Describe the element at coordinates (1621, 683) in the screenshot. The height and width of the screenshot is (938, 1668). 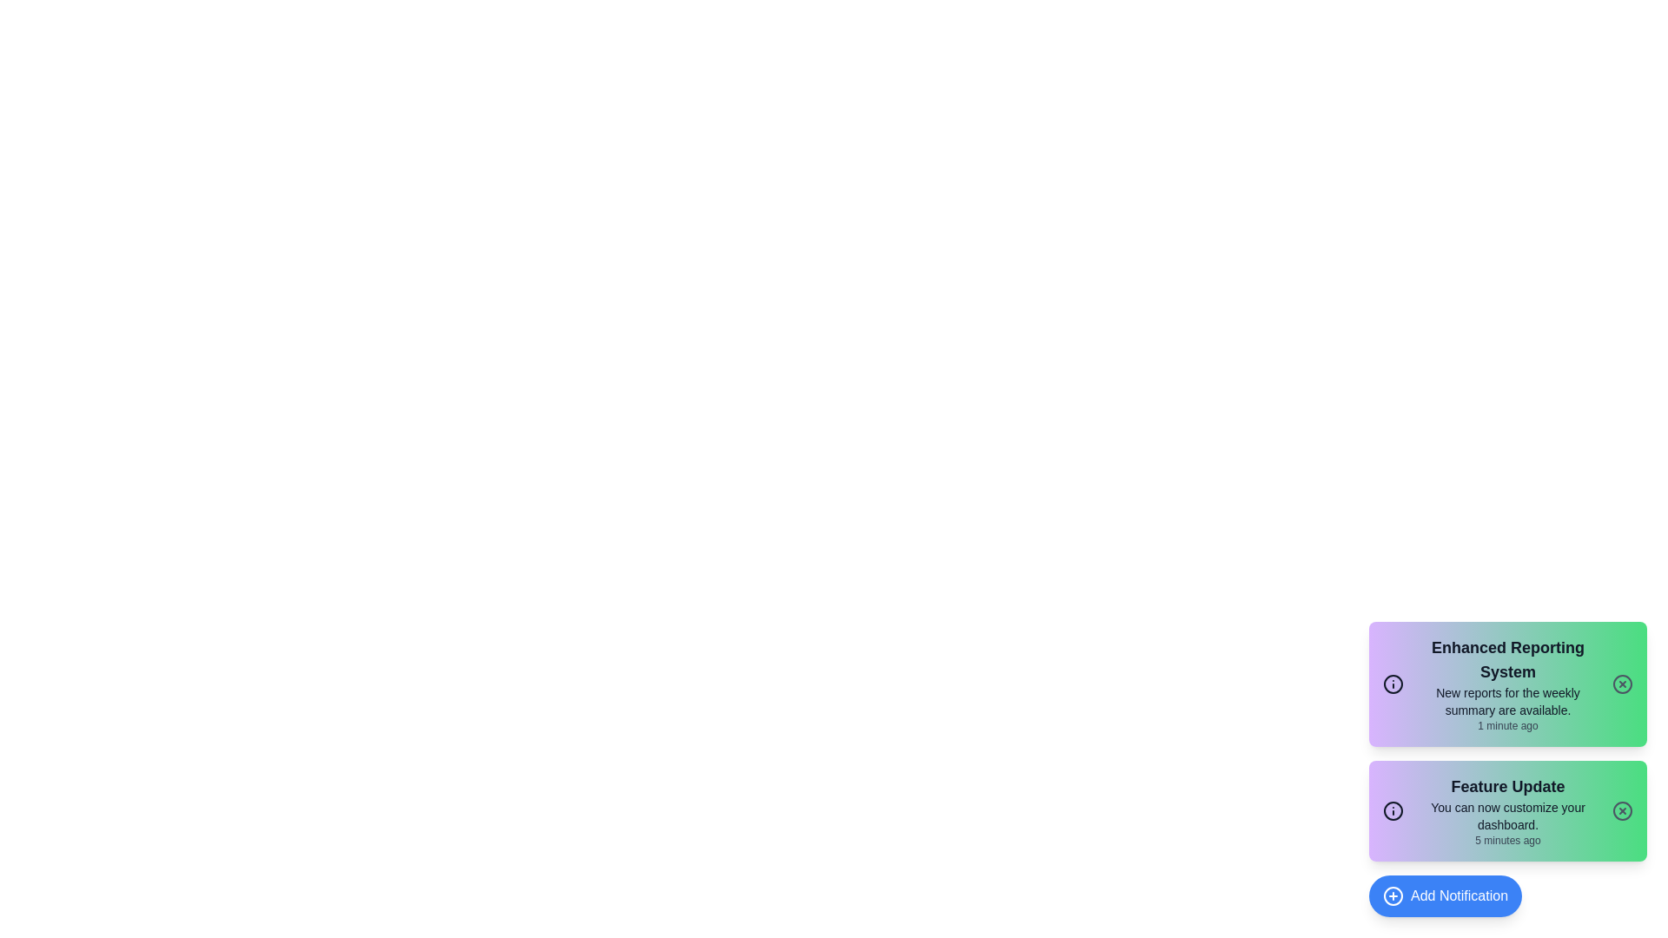
I see `the close button of the first notification` at that location.